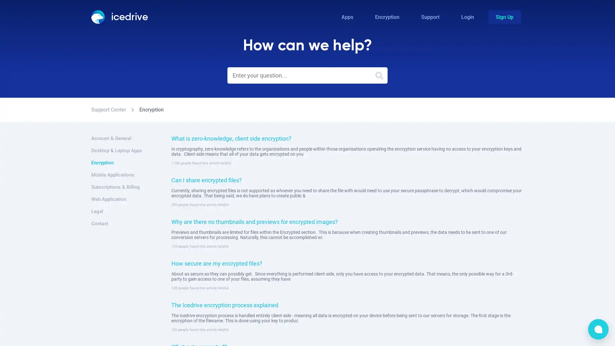 Image resolution: width=615 pixels, height=346 pixels. Describe the element at coordinates (598, 329) in the screenshot. I see `bubble-icon` at that location.